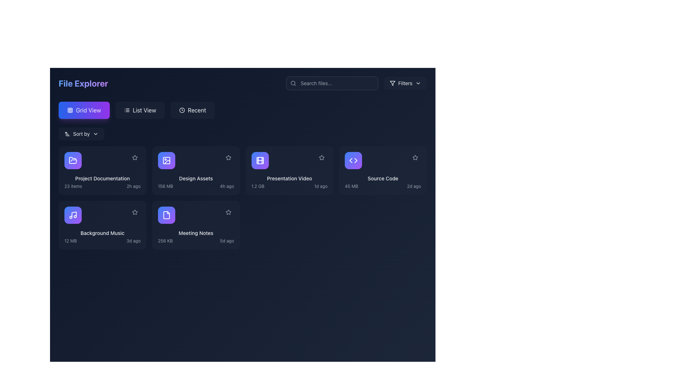 The image size is (691, 388). What do you see at coordinates (135, 212) in the screenshot?
I see `the star button located at the bottom-right corner of the 'Background Music' card` at bounding box center [135, 212].